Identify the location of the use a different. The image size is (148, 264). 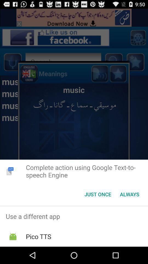
(74, 216).